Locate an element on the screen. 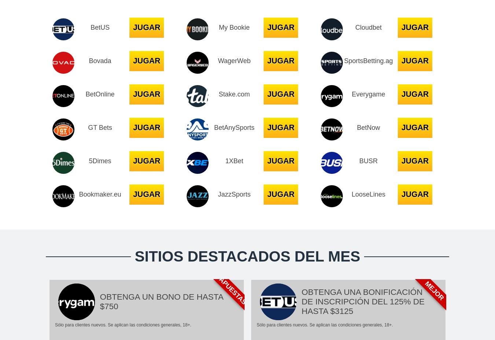 Image resolution: width=495 pixels, height=340 pixels. 'OBTENGA UNA BONIFICACIÓN DE INSCRIPCIÓN DEL 125% DE HASTA $3125' is located at coordinates (362, 301).